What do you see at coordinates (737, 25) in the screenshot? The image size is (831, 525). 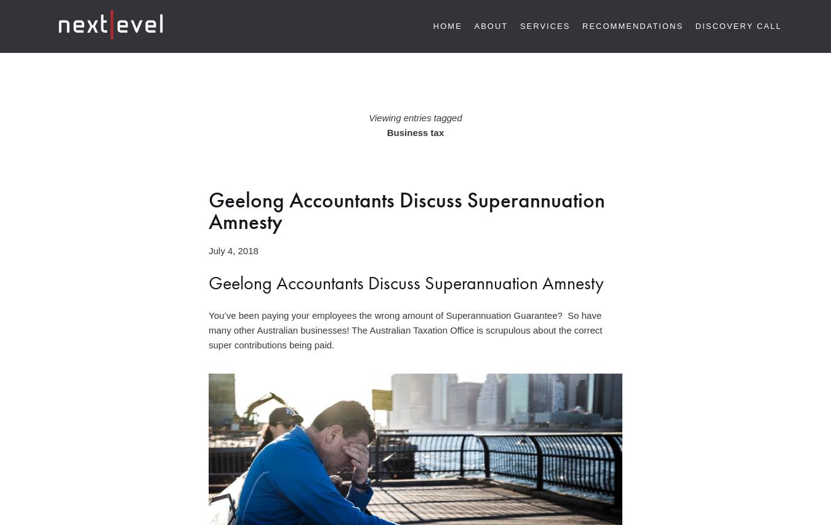 I see `'Discovery Call'` at bounding box center [737, 25].